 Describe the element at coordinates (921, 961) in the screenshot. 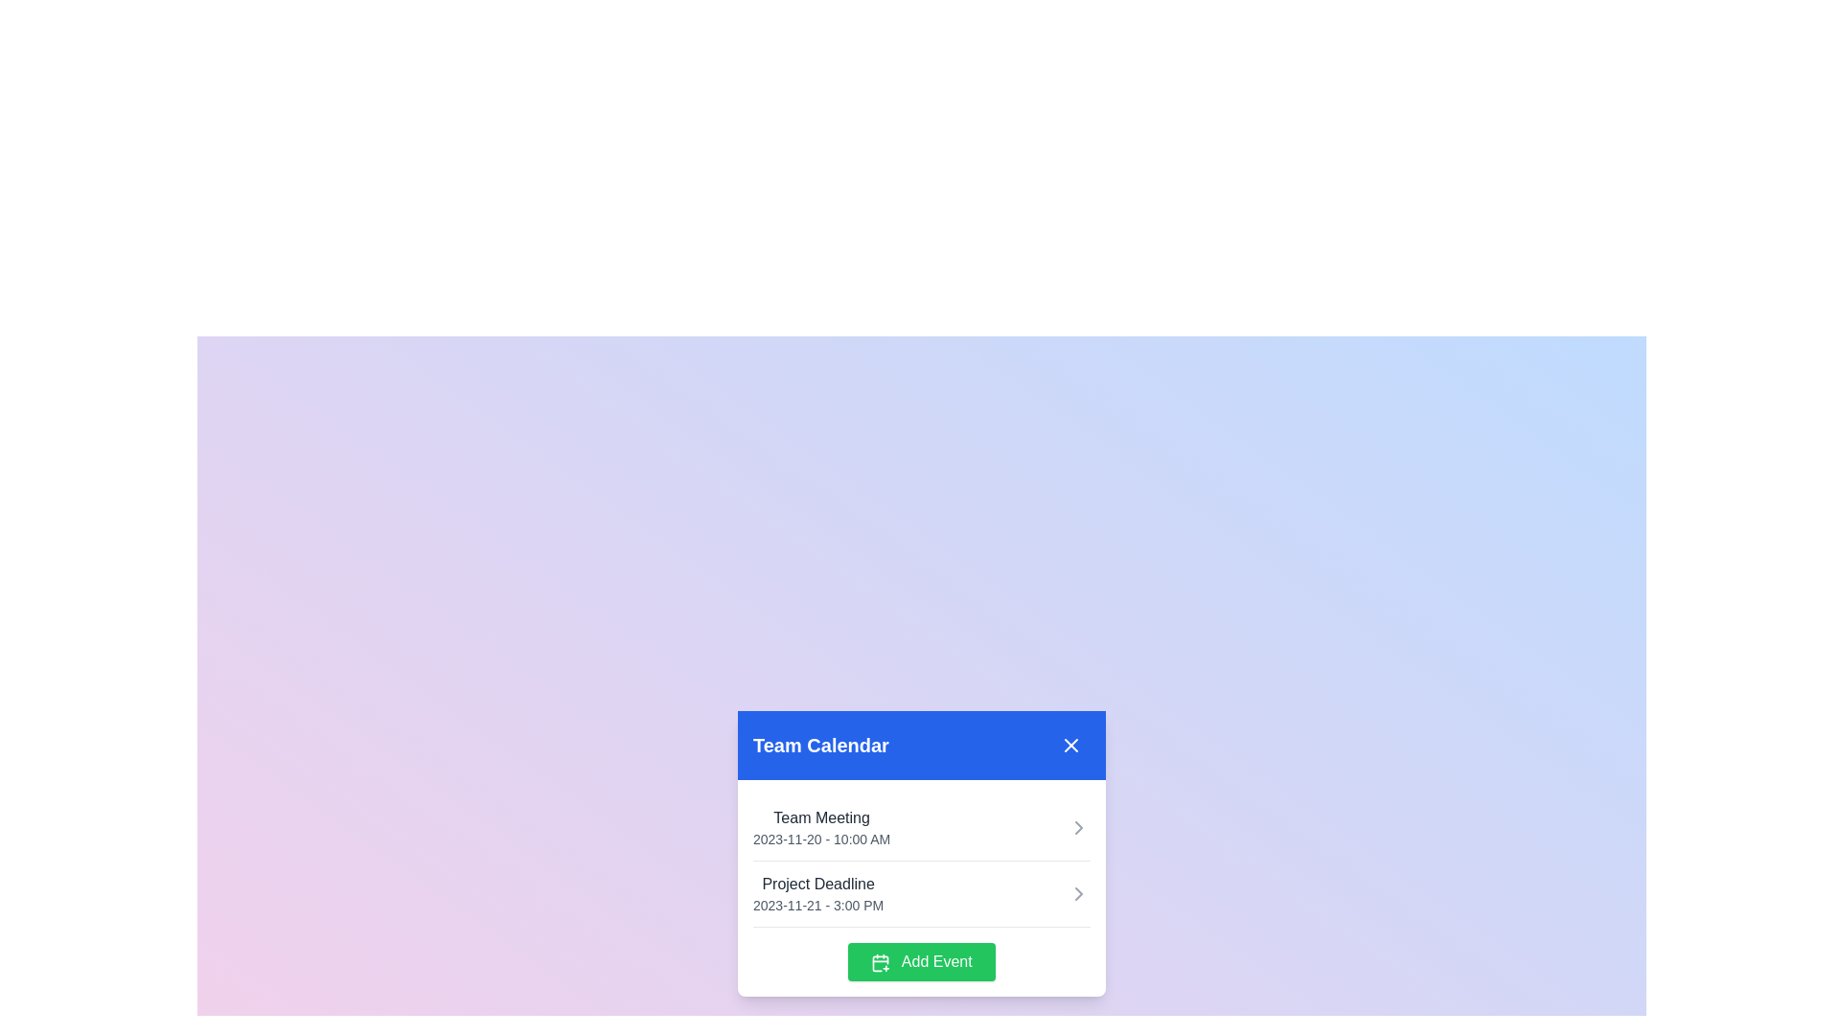

I see `the 'Add Event' button to initiate adding a new event` at that location.